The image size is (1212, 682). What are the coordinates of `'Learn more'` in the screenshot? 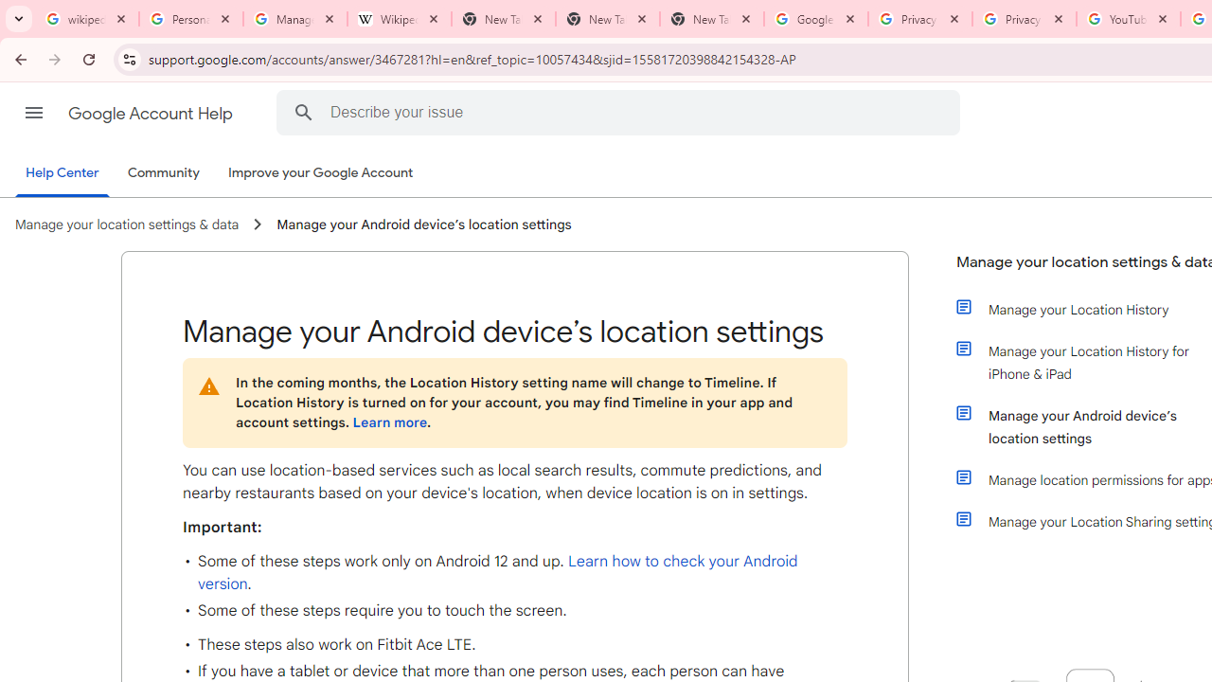 It's located at (388, 422).